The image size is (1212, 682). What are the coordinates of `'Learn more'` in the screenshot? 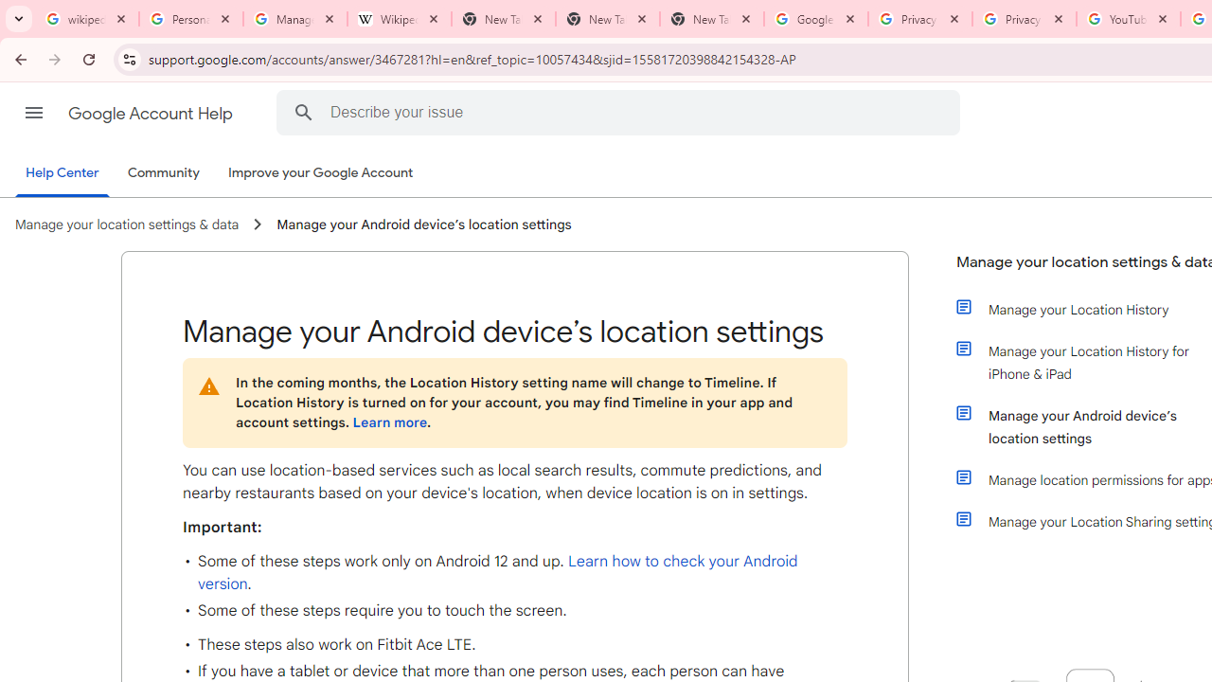 It's located at (388, 422).